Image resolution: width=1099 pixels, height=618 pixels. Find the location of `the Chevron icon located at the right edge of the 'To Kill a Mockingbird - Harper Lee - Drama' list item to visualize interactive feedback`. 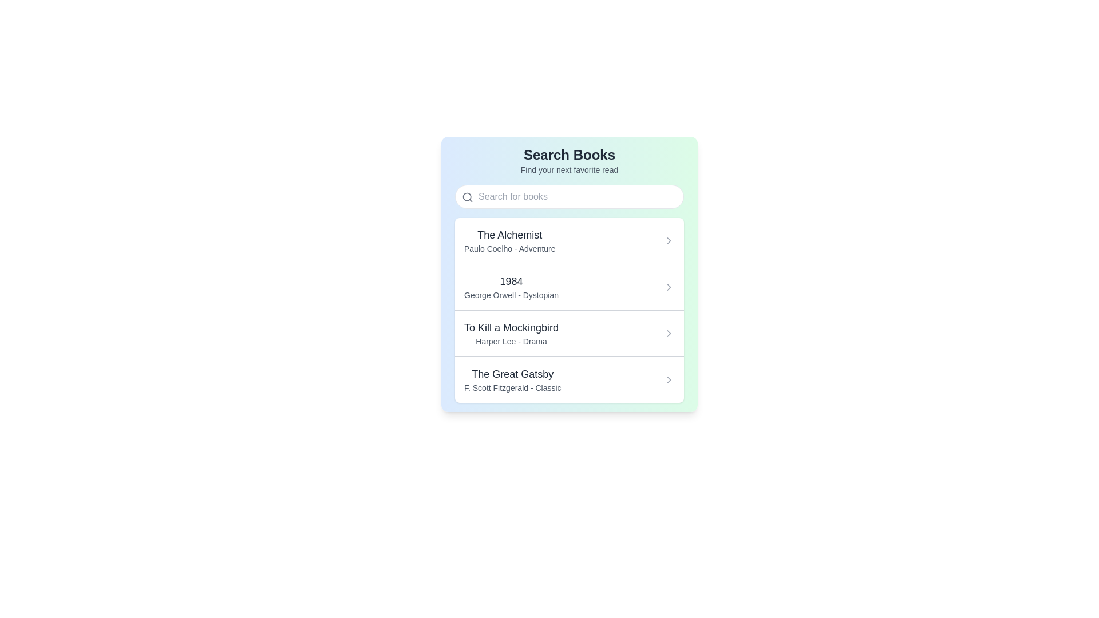

the Chevron icon located at the right edge of the 'To Kill a Mockingbird - Harper Lee - Drama' list item to visualize interactive feedback is located at coordinates (669, 333).